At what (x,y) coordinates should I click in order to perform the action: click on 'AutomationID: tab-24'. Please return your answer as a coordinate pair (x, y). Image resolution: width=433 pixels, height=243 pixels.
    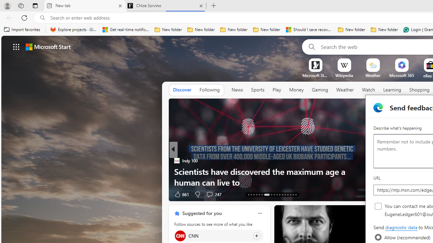
    Looking at the image, I should click on (282, 195).